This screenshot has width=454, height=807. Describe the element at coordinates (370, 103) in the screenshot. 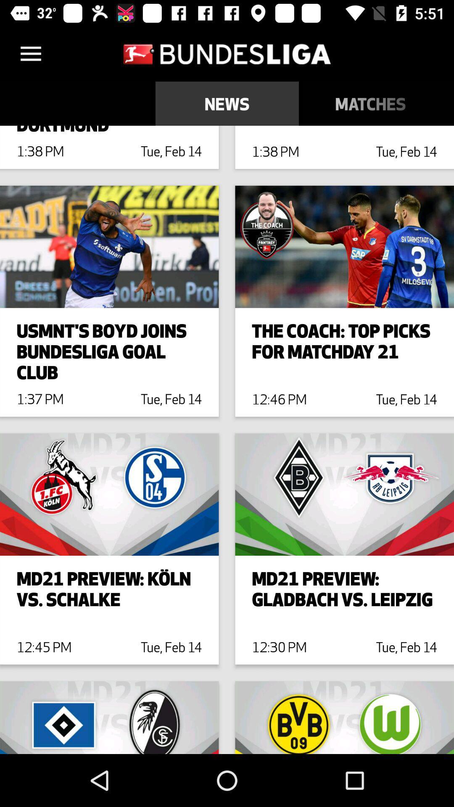

I see `item to the right of news item` at that location.